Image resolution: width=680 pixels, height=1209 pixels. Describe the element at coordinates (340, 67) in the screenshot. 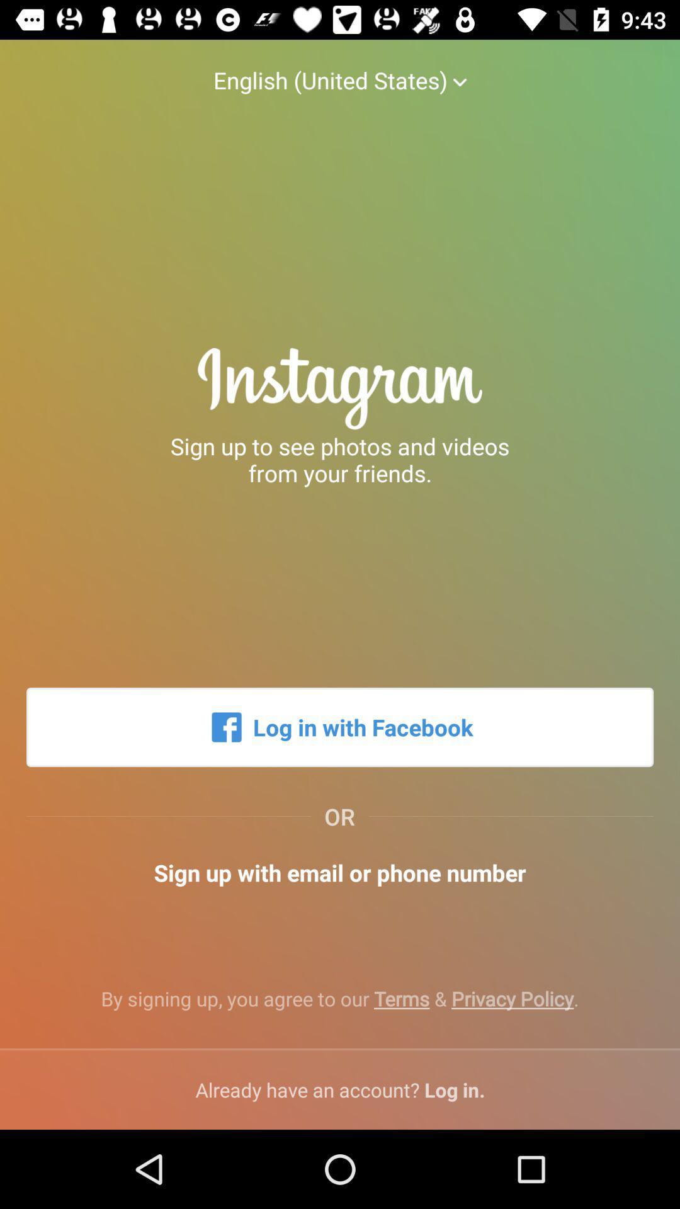

I see `the english (united states)   icon` at that location.